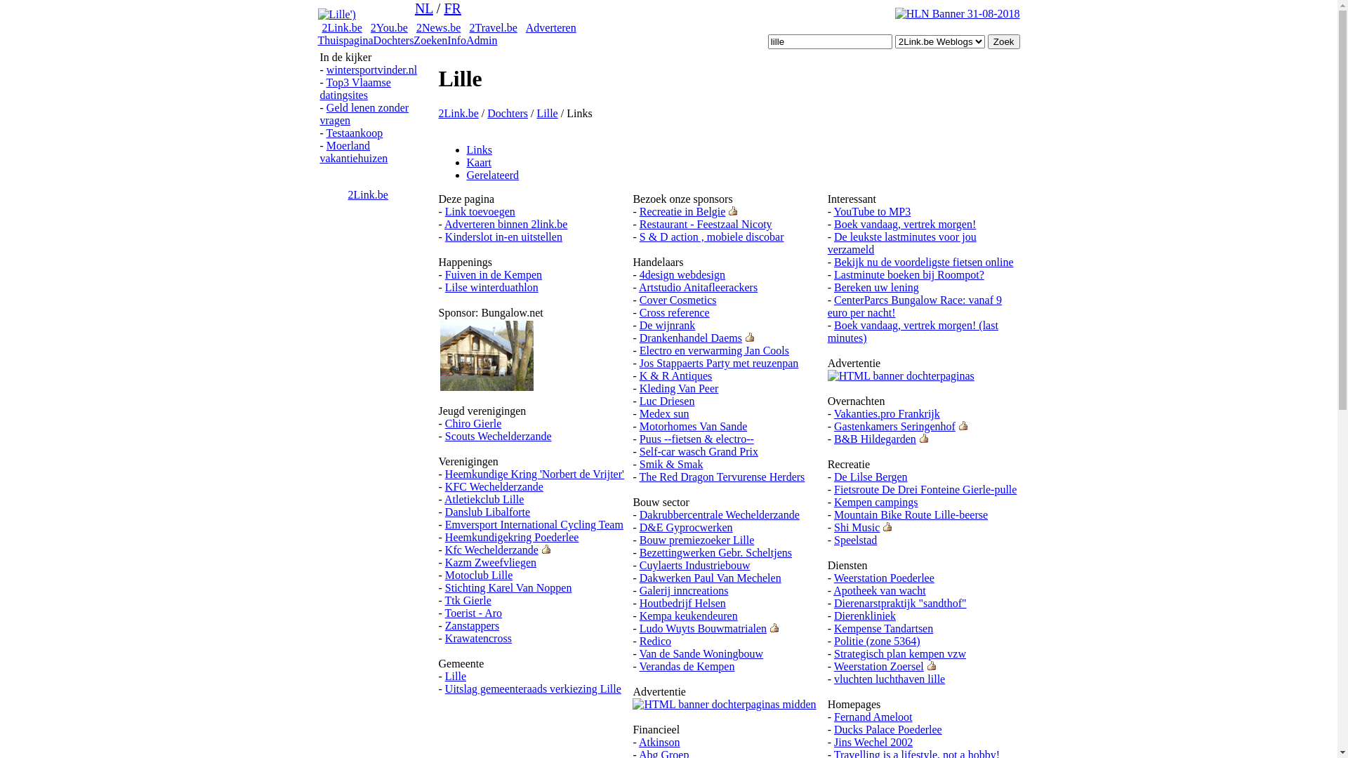  What do you see at coordinates (694, 564) in the screenshot?
I see `'Cuylaerts Industriebouw'` at bounding box center [694, 564].